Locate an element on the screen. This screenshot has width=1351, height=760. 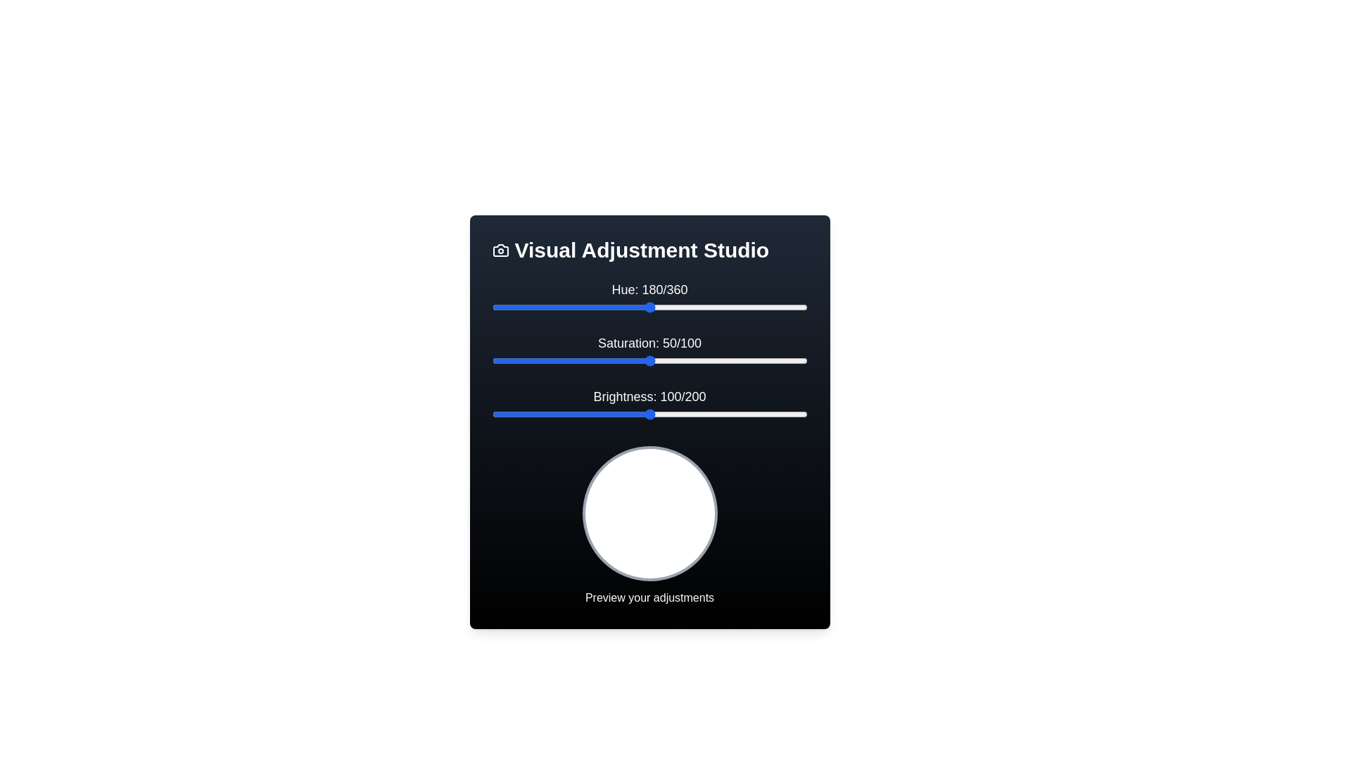
the 'Hue' slider to 219 by dragging the slider is located at coordinates (684, 306).